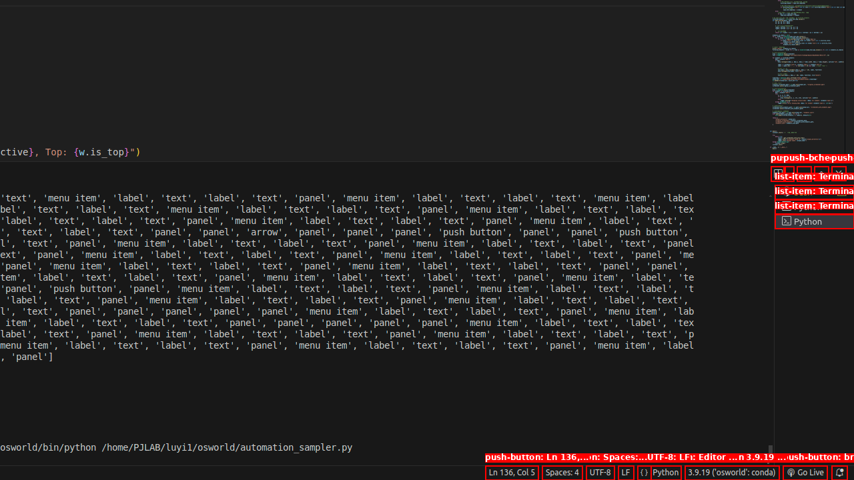  Describe the element at coordinates (562, 471) in the screenshot. I see `'Spaces: 4'` at that location.